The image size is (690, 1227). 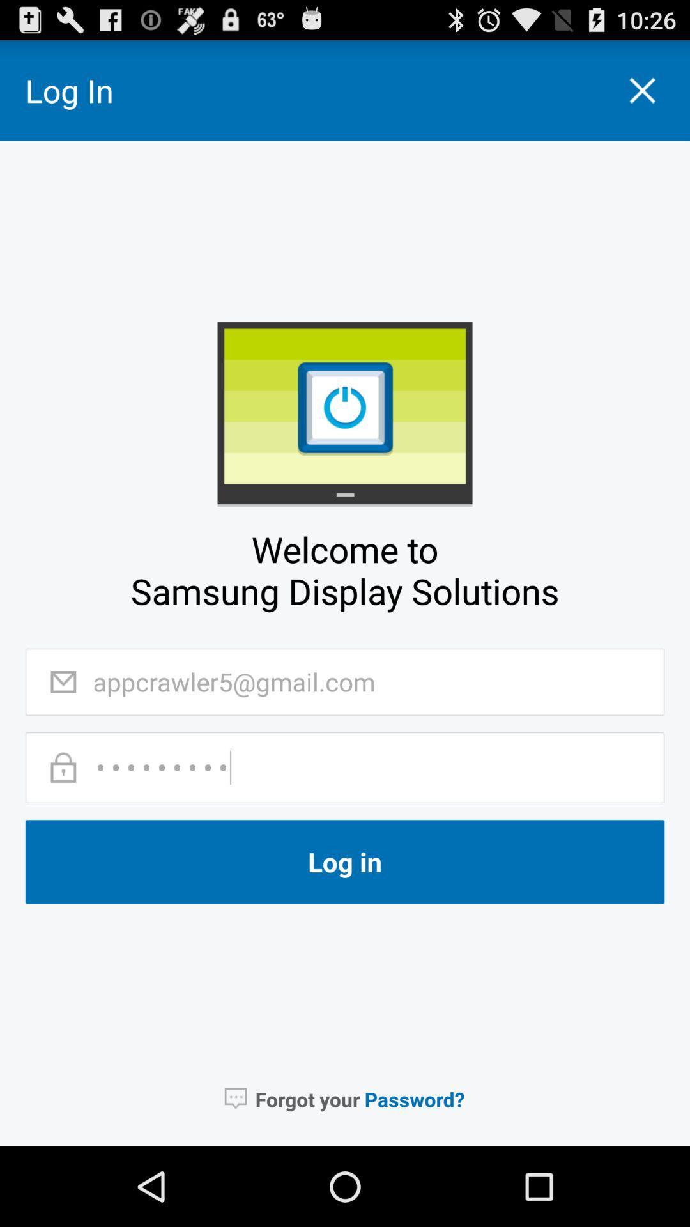 I want to click on the password text field, so click(x=366, y=767).